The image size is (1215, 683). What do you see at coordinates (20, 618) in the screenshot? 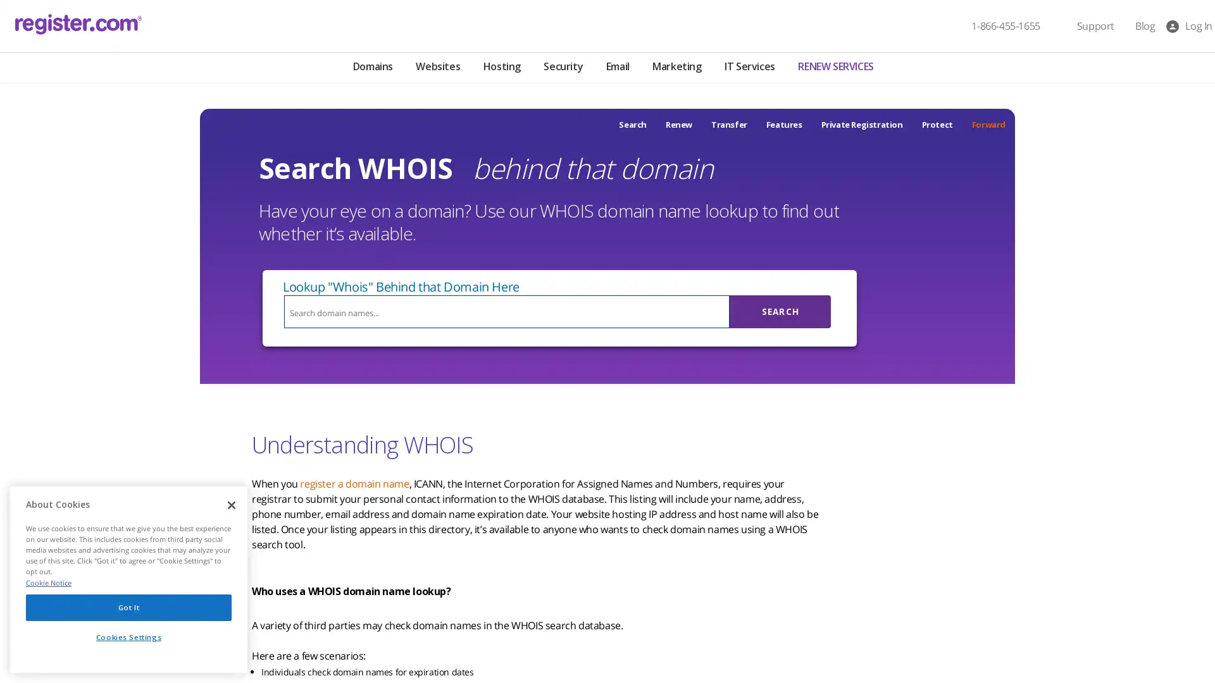
I see `Explore your accessibility options` at bounding box center [20, 618].